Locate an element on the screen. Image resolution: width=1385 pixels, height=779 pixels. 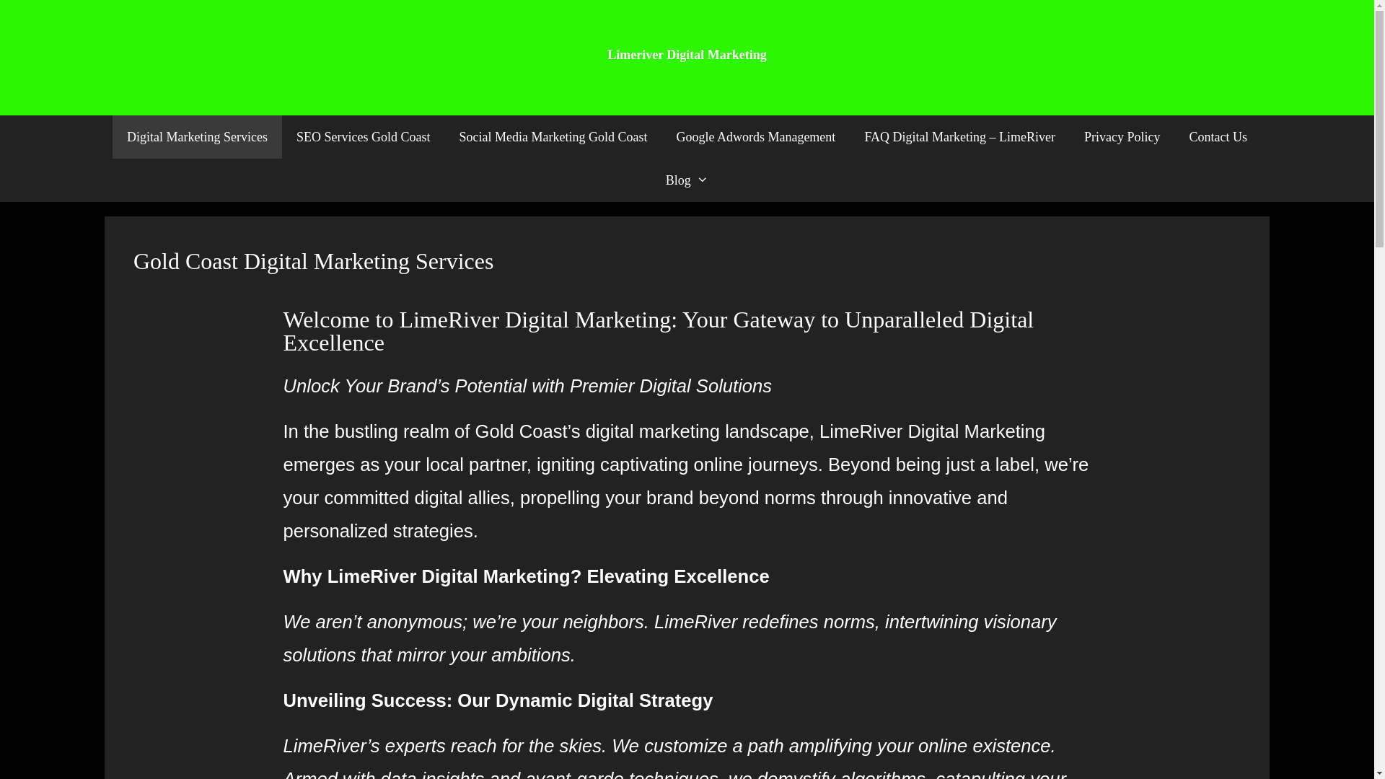
'Digital Marketing Services' is located at coordinates (196, 136).